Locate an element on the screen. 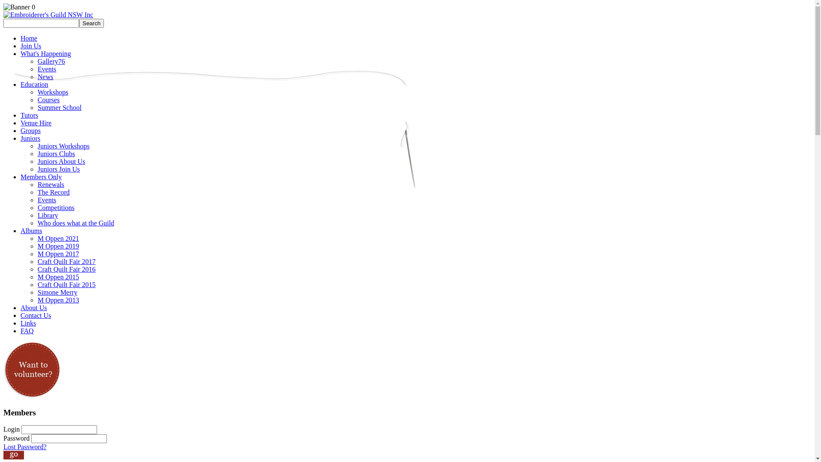 Image resolution: width=821 pixels, height=462 pixels. 'Competitions' is located at coordinates (37, 207).